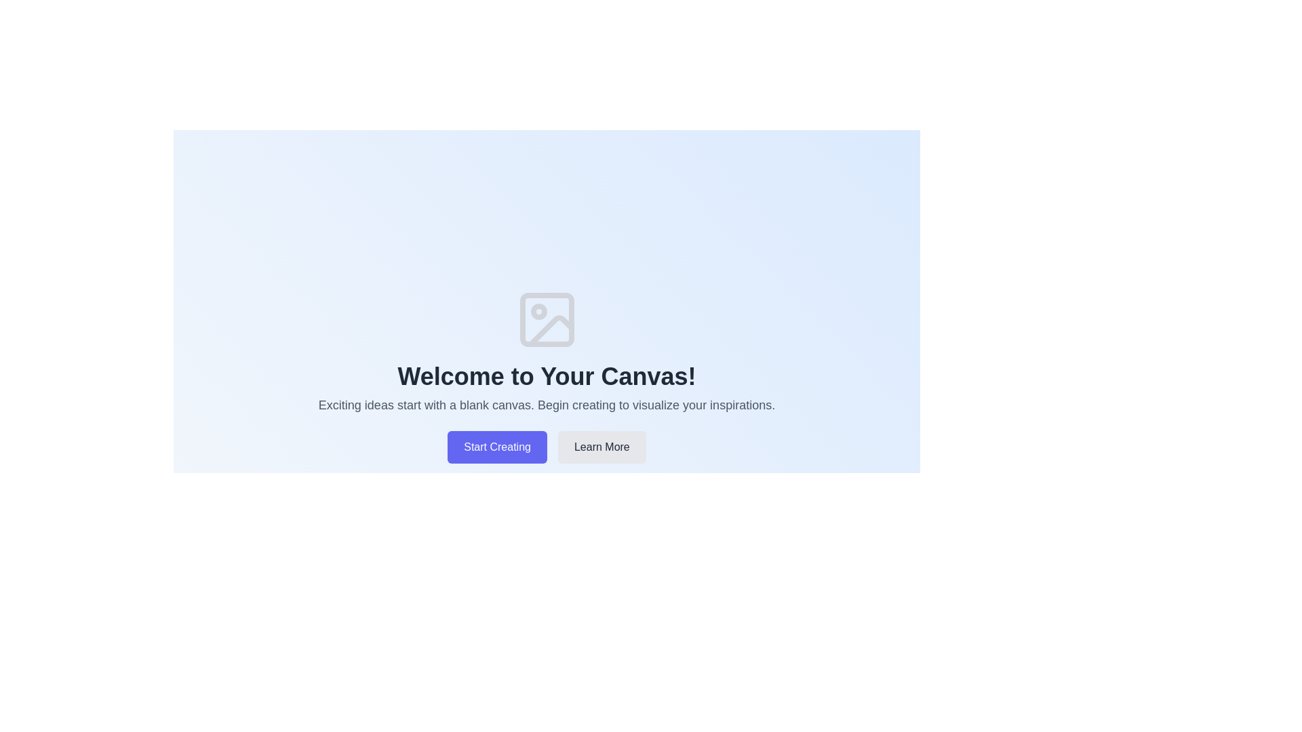 Image resolution: width=1302 pixels, height=732 pixels. Describe the element at coordinates (496, 447) in the screenshot. I see `the leftmost button beneath the 'Welcome to Your Canvas!' text to initiate the creation process` at that location.